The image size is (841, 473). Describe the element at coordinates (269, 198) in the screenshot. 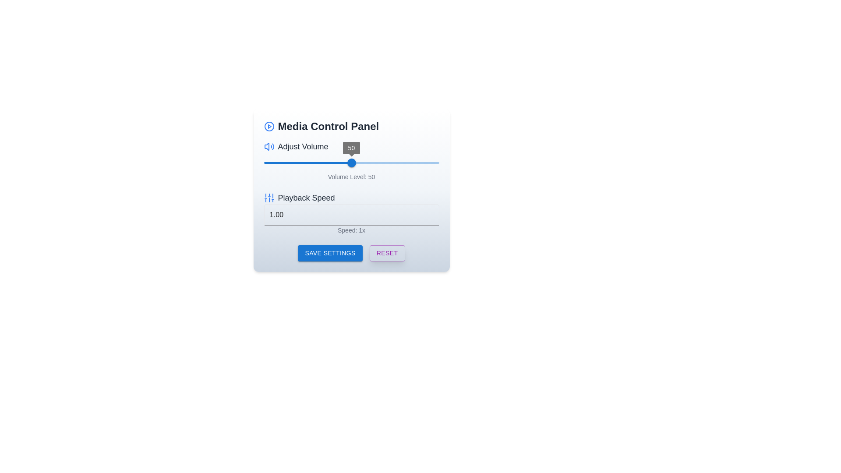

I see `the settings icon for playback speed, which is the first component in the group labeled 'Playback Speed', located towards the left side above the text input area` at that location.